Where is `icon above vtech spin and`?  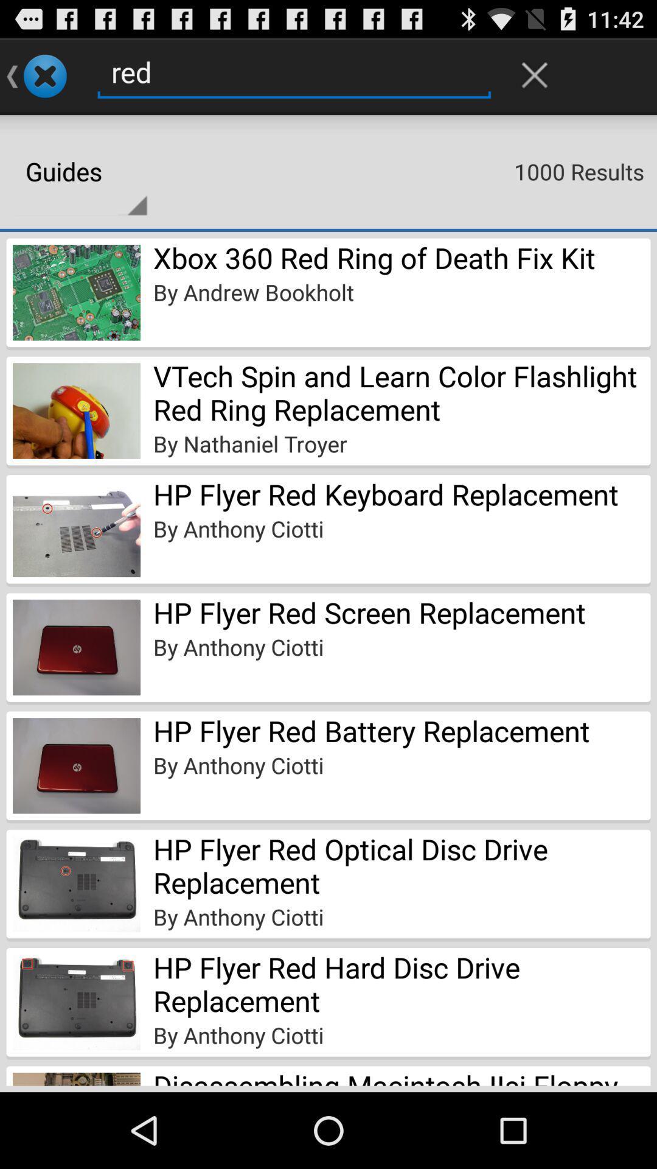 icon above vtech spin and is located at coordinates (252, 292).